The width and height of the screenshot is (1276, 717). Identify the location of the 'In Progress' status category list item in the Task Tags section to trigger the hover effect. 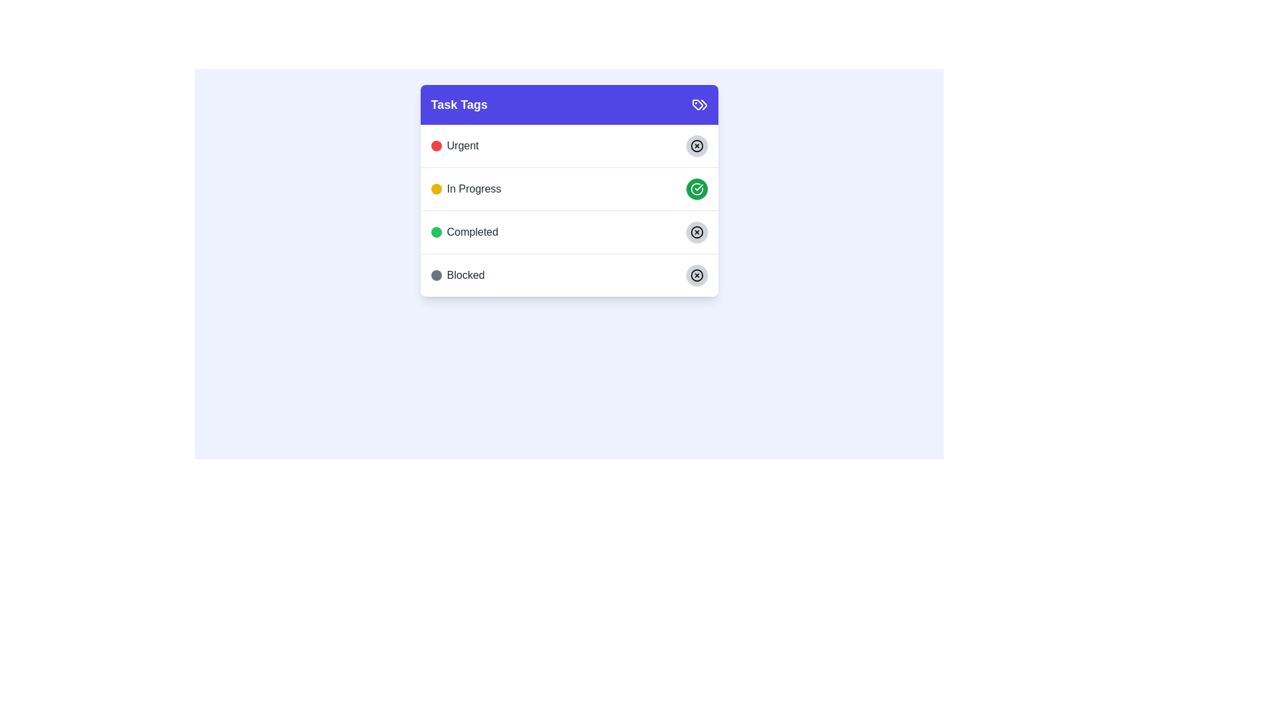
(569, 189).